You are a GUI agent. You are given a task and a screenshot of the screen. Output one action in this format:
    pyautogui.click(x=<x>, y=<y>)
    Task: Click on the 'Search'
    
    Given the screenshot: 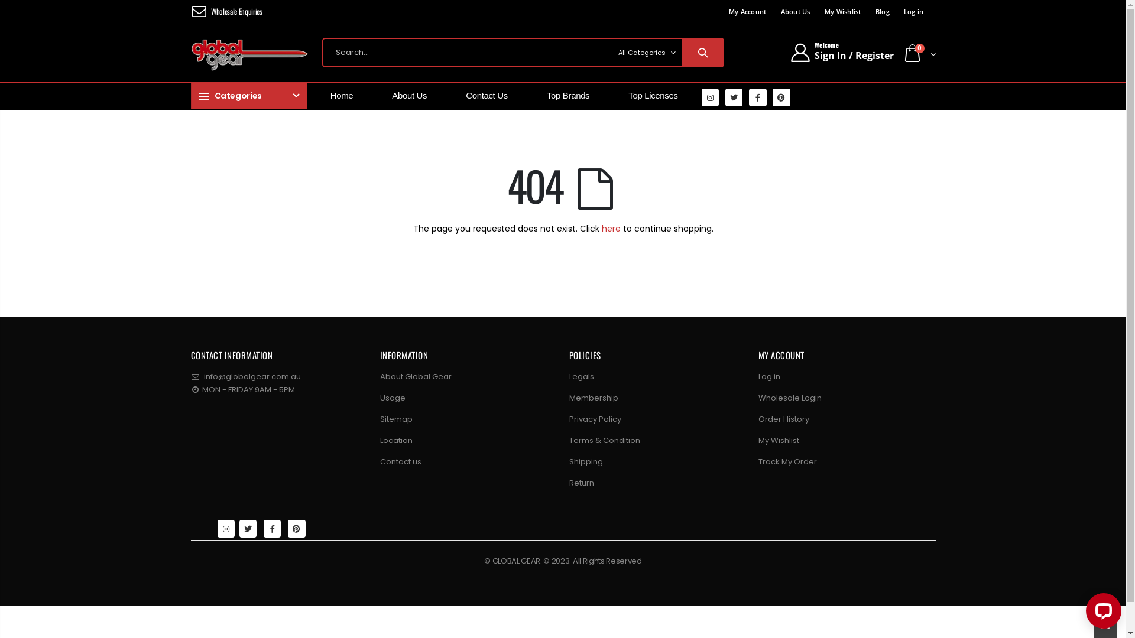 What is the action you would take?
    pyautogui.click(x=702, y=51)
    